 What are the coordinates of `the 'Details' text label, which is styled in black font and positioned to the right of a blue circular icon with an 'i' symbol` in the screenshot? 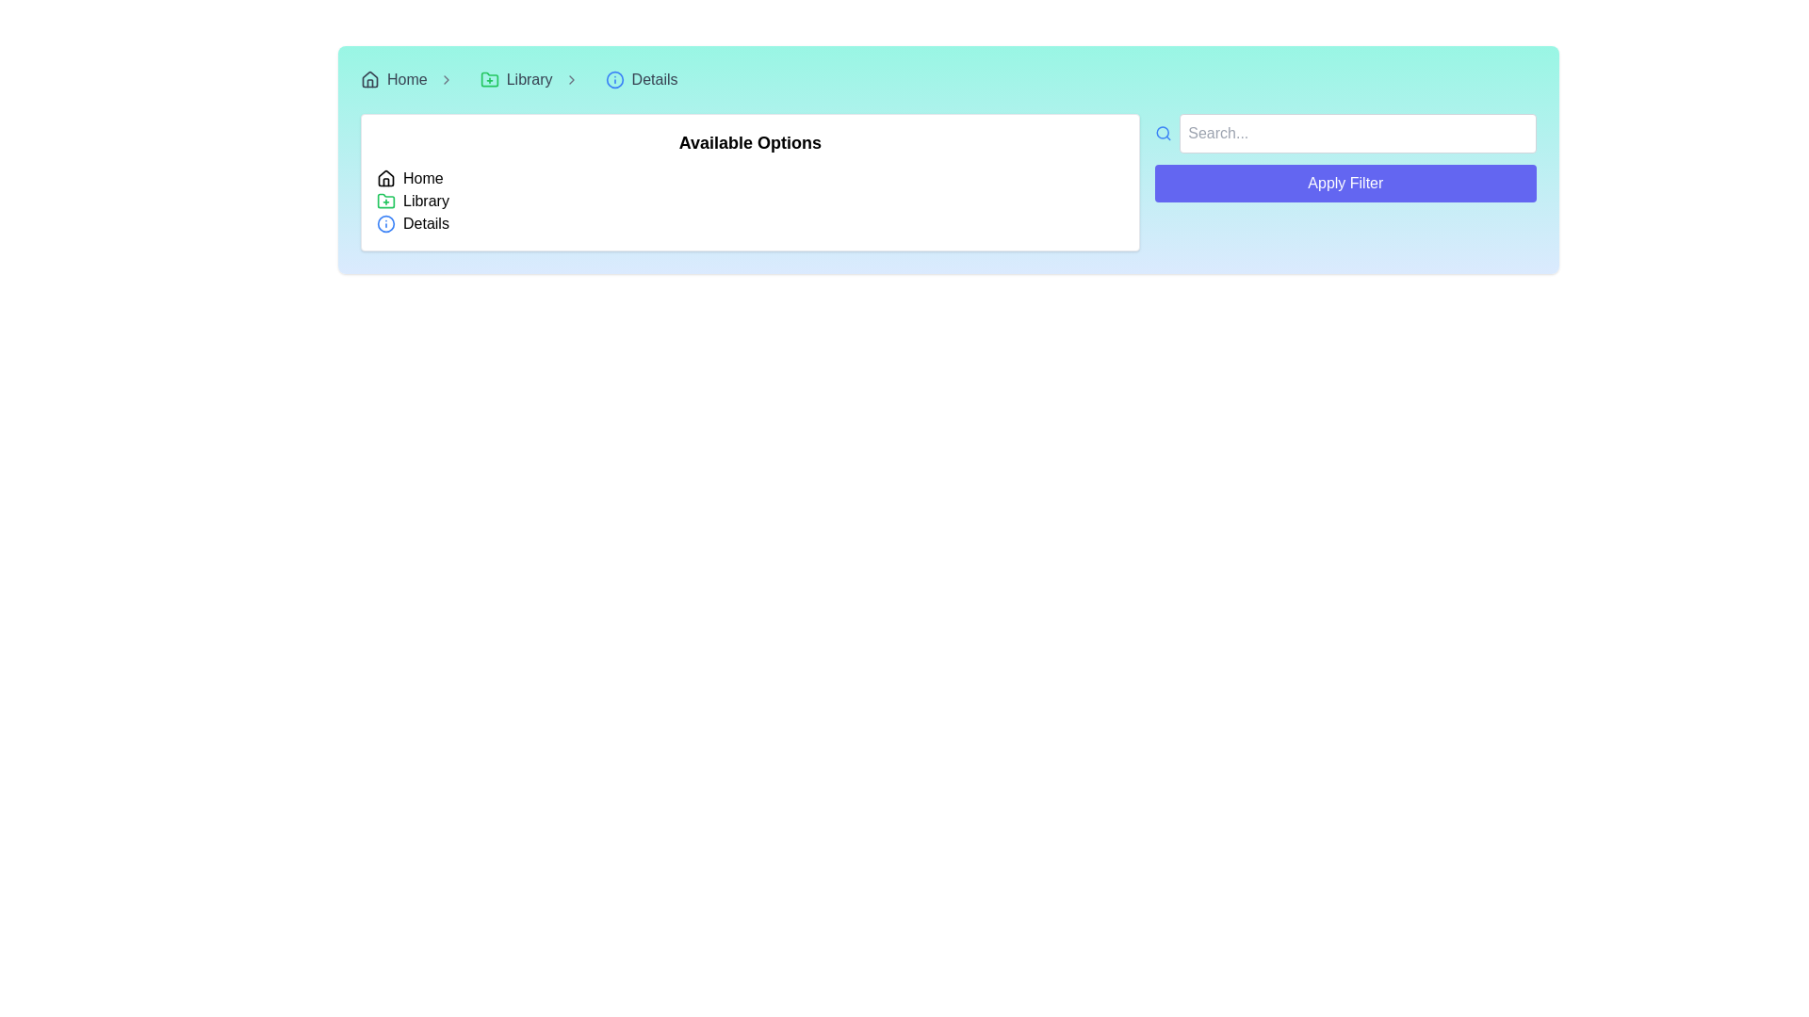 It's located at (425, 223).